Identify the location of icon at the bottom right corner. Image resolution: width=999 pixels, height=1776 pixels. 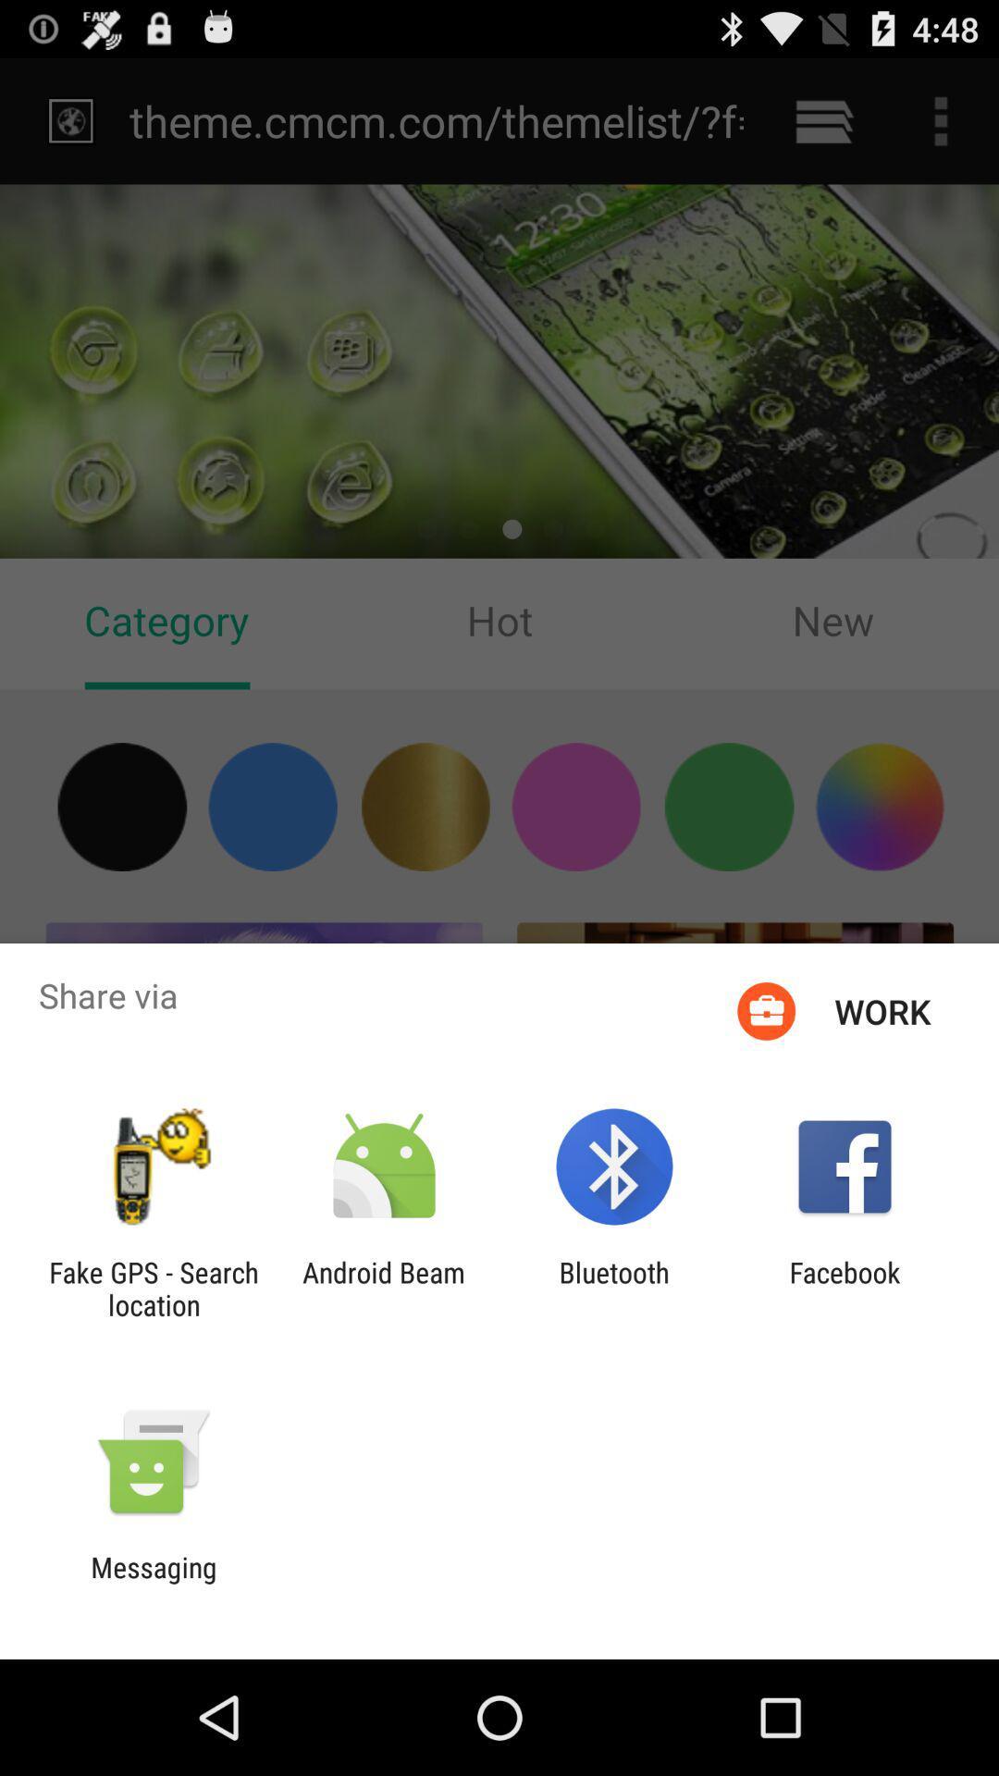
(845, 1288).